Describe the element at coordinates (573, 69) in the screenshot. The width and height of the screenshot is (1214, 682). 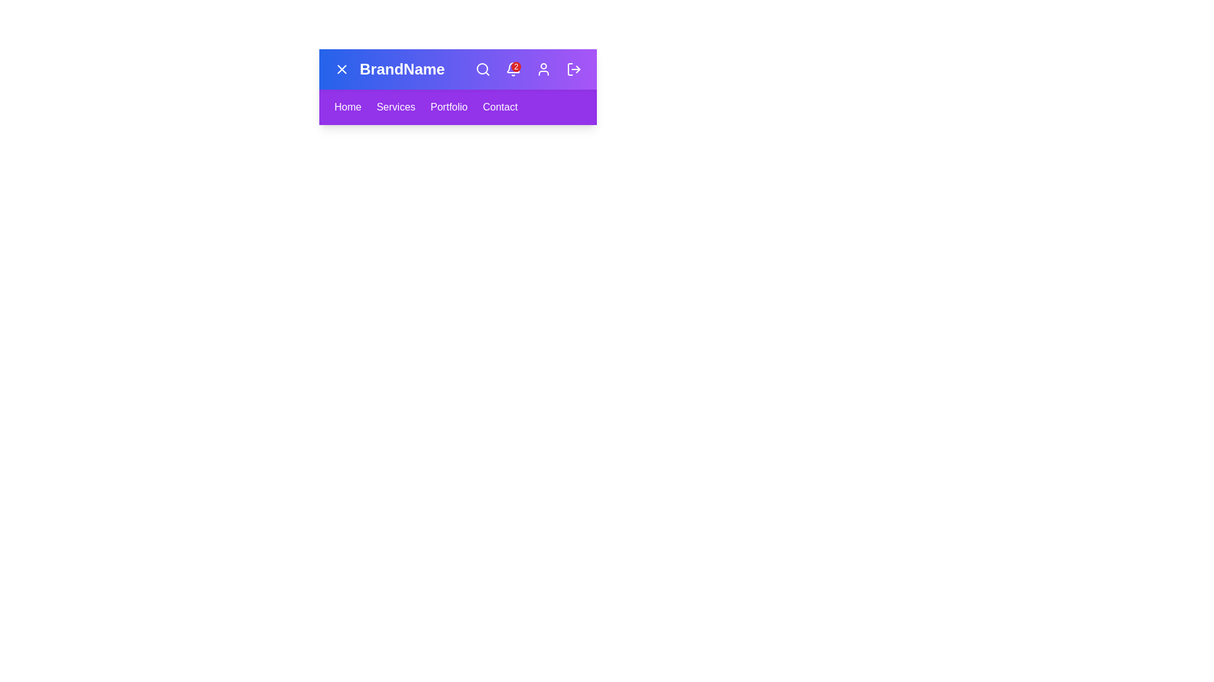
I see `the logout icon, which is styled with a right-facing arrow exiting a rectangle, located at the far right of the navigation bar` at that location.